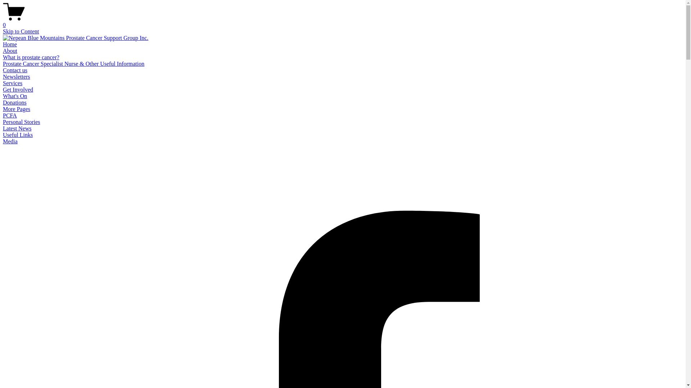  Describe the element at coordinates (17, 109) in the screenshot. I see `'More Pages'` at that location.